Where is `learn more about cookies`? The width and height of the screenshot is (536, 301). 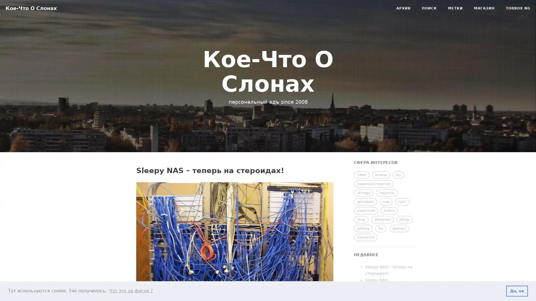 learn more about cookies is located at coordinates (130, 291).